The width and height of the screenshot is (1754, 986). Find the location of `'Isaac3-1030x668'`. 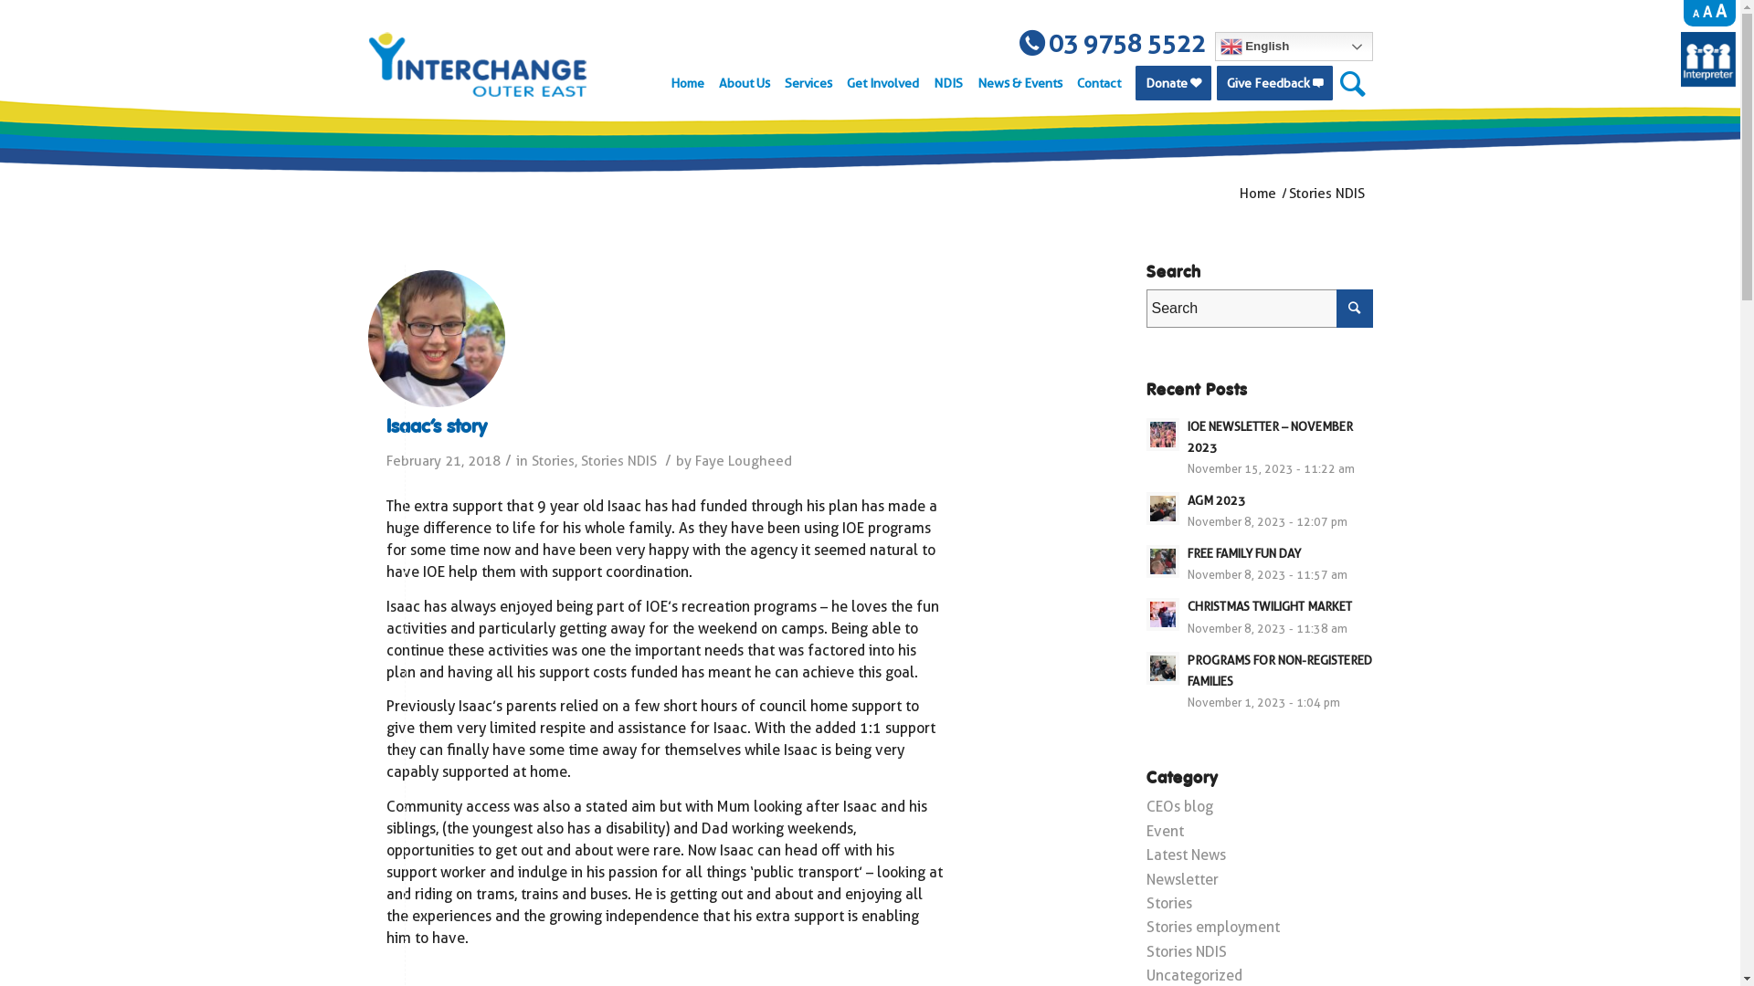

'Isaac3-1030x668' is located at coordinates (434, 338).